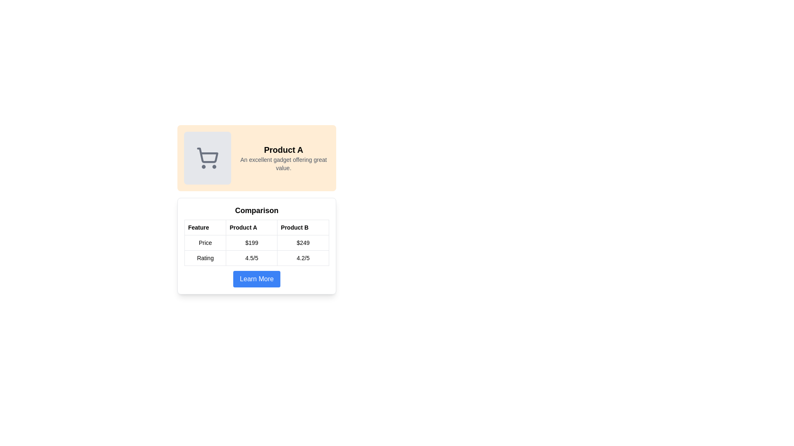 This screenshot has height=446, width=794. Describe the element at coordinates (205, 257) in the screenshot. I see `the Text label that indicates the rating category for the items being compared, located in the left column of a three-column row within a comparison table` at that location.